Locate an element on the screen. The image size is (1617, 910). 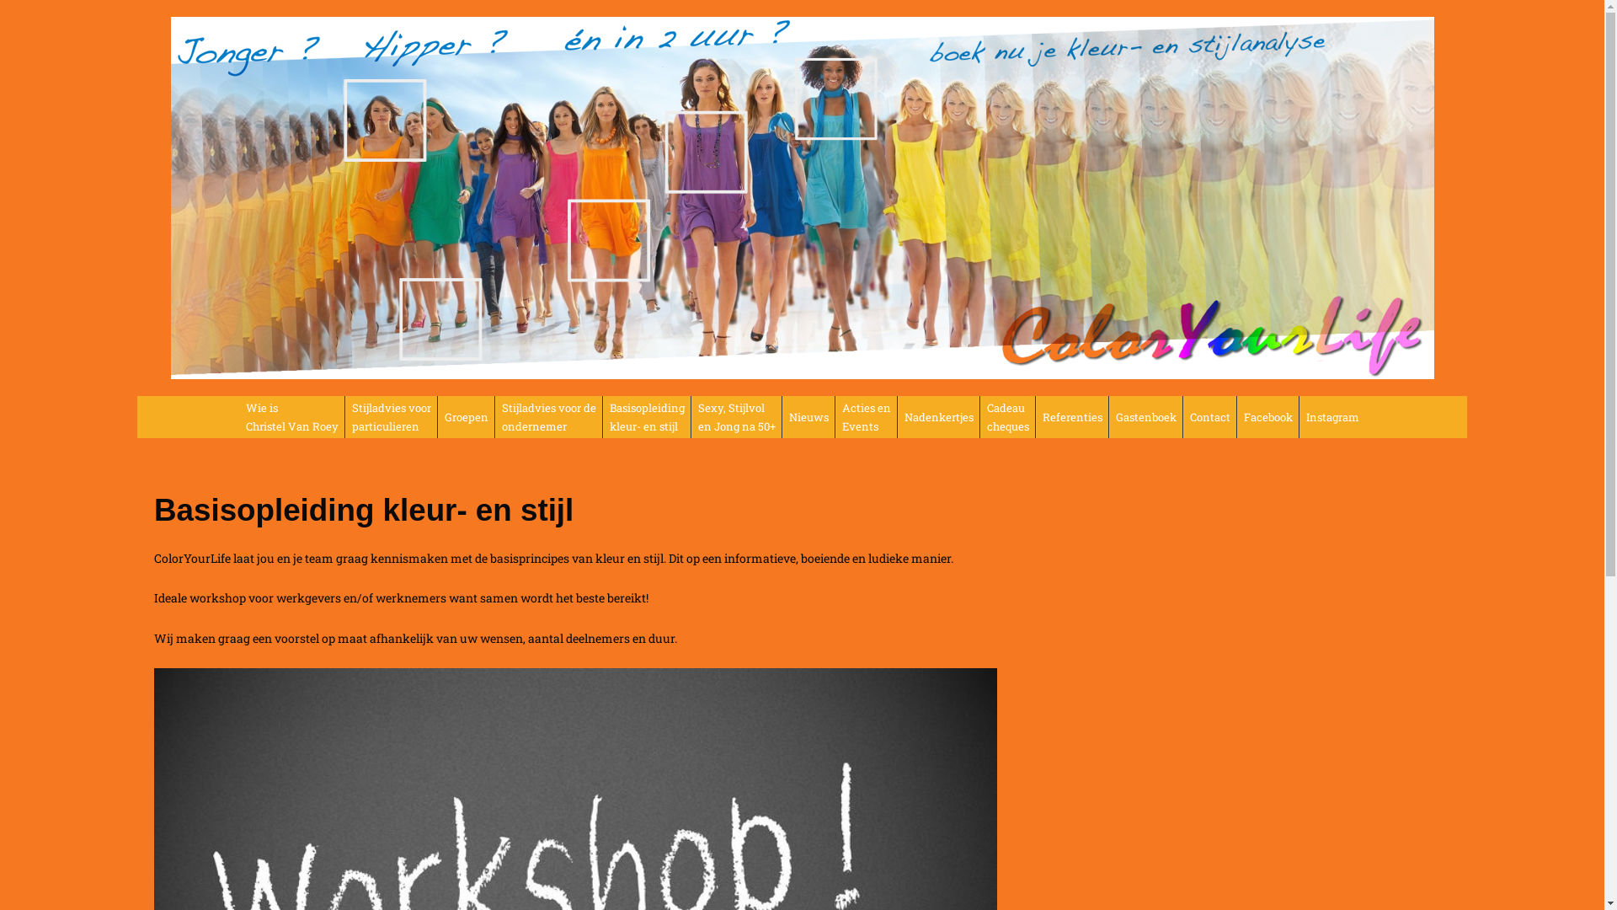
'Basisopleiding is located at coordinates (646, 416).